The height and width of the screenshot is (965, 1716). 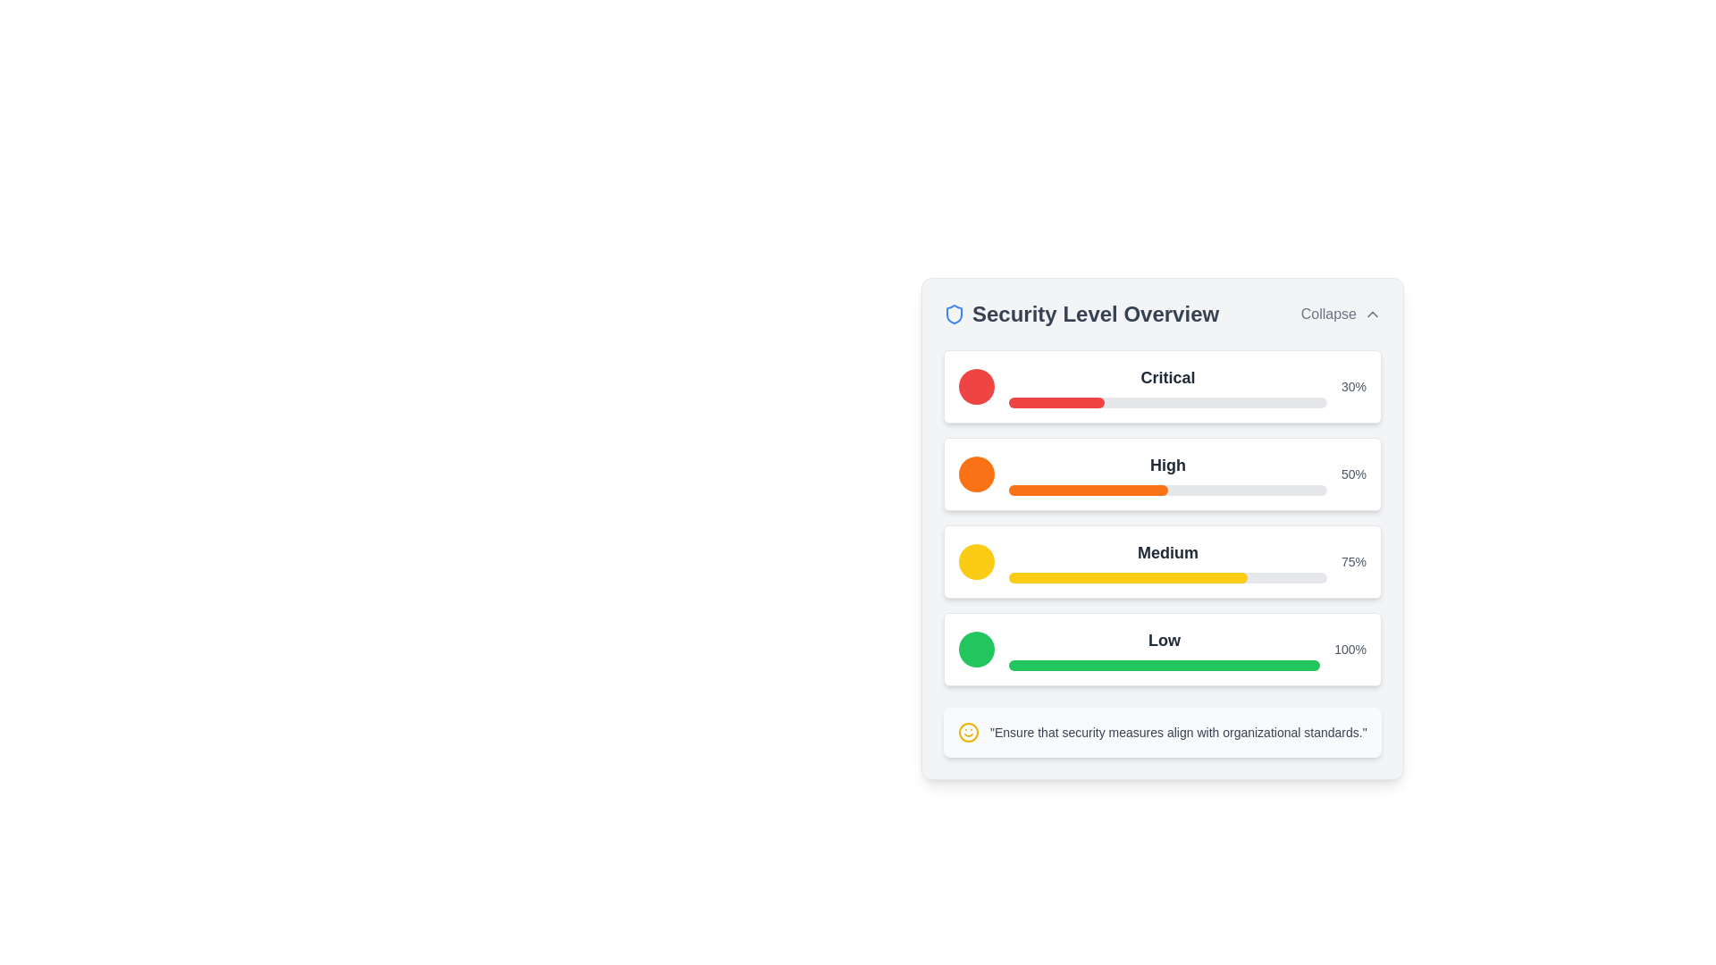 I want to click on the visual data of the Progress bar indicating a status level of 'High' with 50% completion, positioned between 'Critical' and 'Medium' status indicators, so click(x=1162, y=474).